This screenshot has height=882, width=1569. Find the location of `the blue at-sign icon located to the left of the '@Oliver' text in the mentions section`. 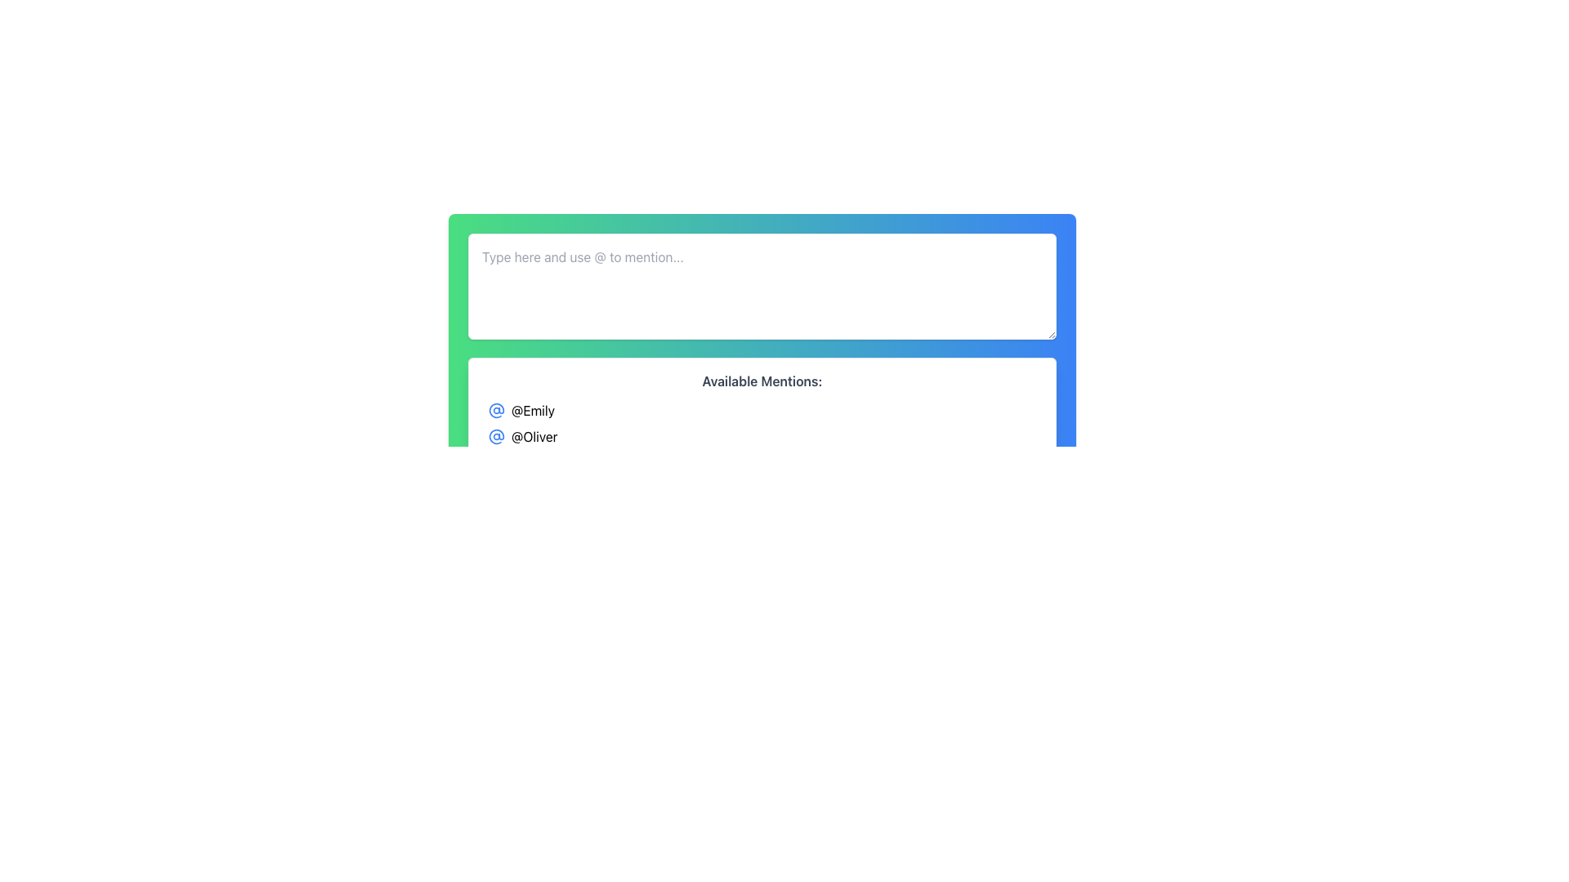

the blue at-sign icon located to the left of the '@Oliver' text in the mentions section is located at coordinates (496, 436).